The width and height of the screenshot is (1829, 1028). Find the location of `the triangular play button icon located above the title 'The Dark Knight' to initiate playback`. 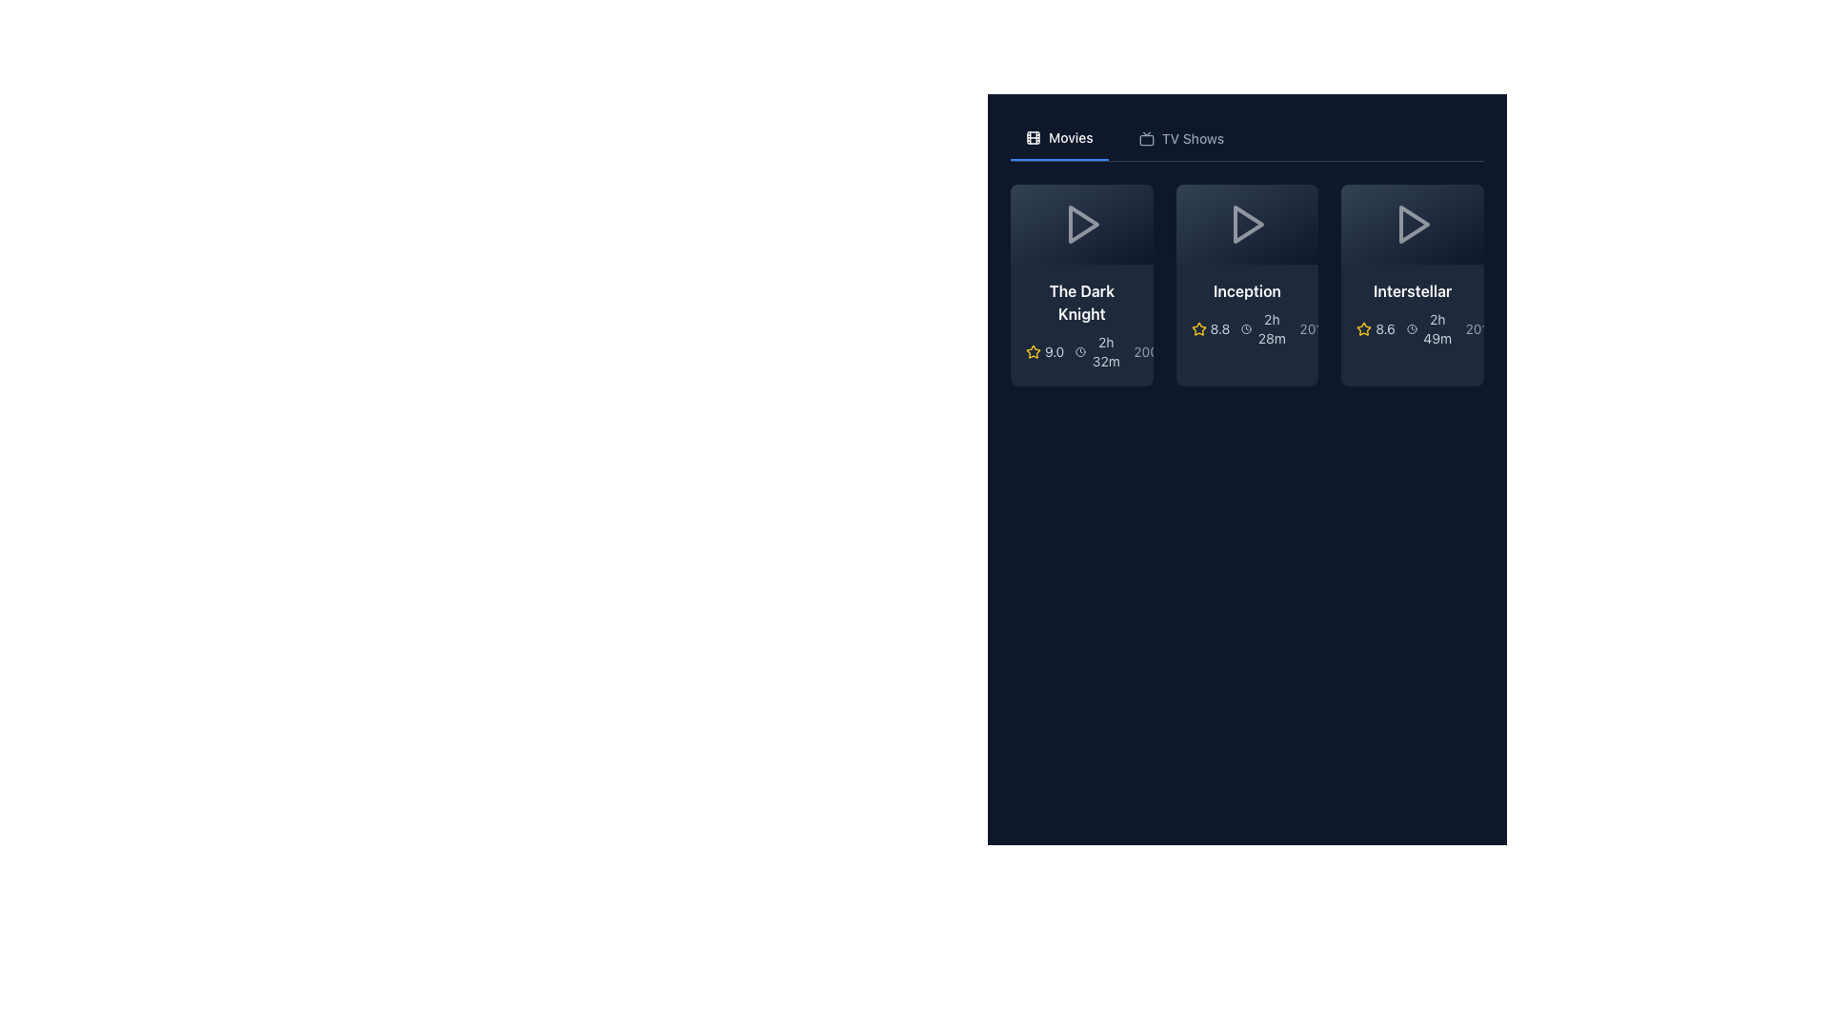

the triangular play button icon located above the title 'The Dark Knight' to initiate playback is located at coordinates (1083, 224).